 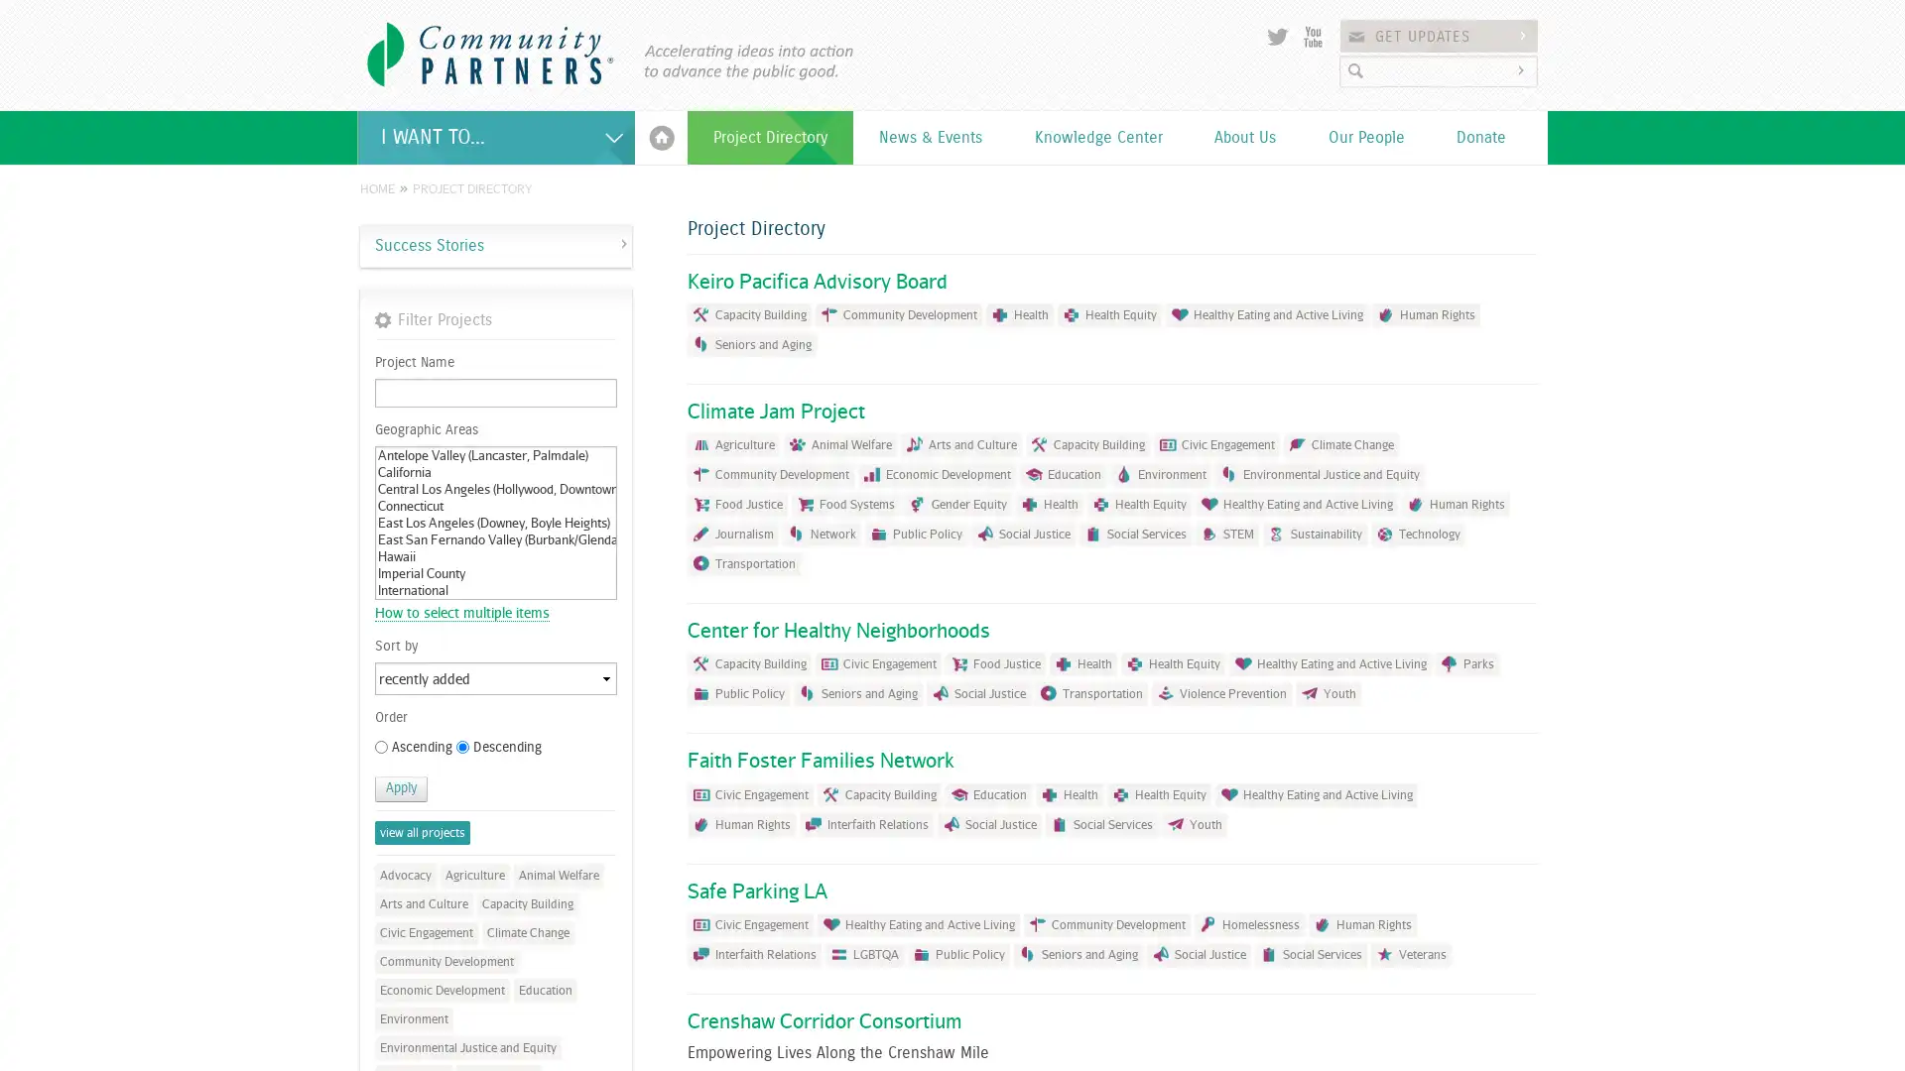 What do you see at coordinates (1523, 69) in the screenshot?
I see `Search` at bounding box center [1523, 69].